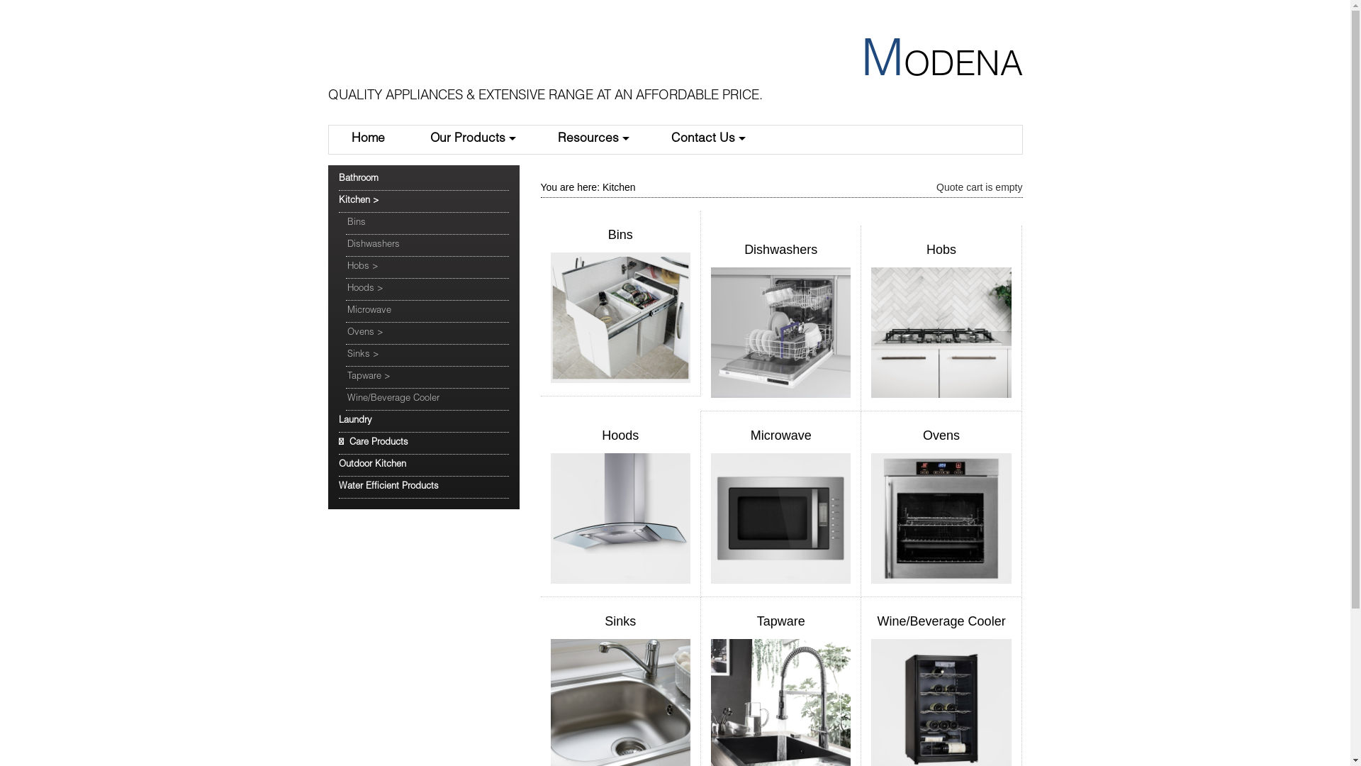 Image resolution: width=1361 pixels, height=766 pixels. Describe the element at coordinates (619, 186) in the screenshot. I see `'Kitchen'` at that location.